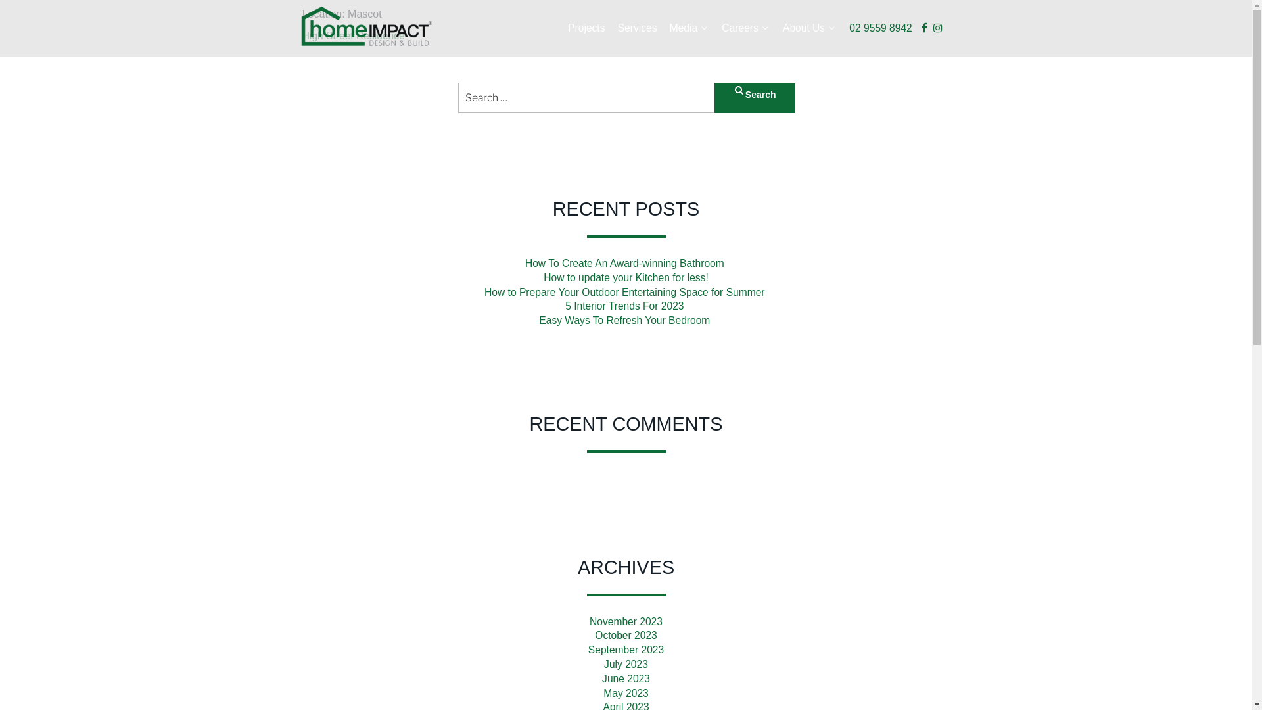 The height and width of the screenshot is (710, 1262). I want to click on '5 Interior Trends For 2023 ', so click(625, 306).